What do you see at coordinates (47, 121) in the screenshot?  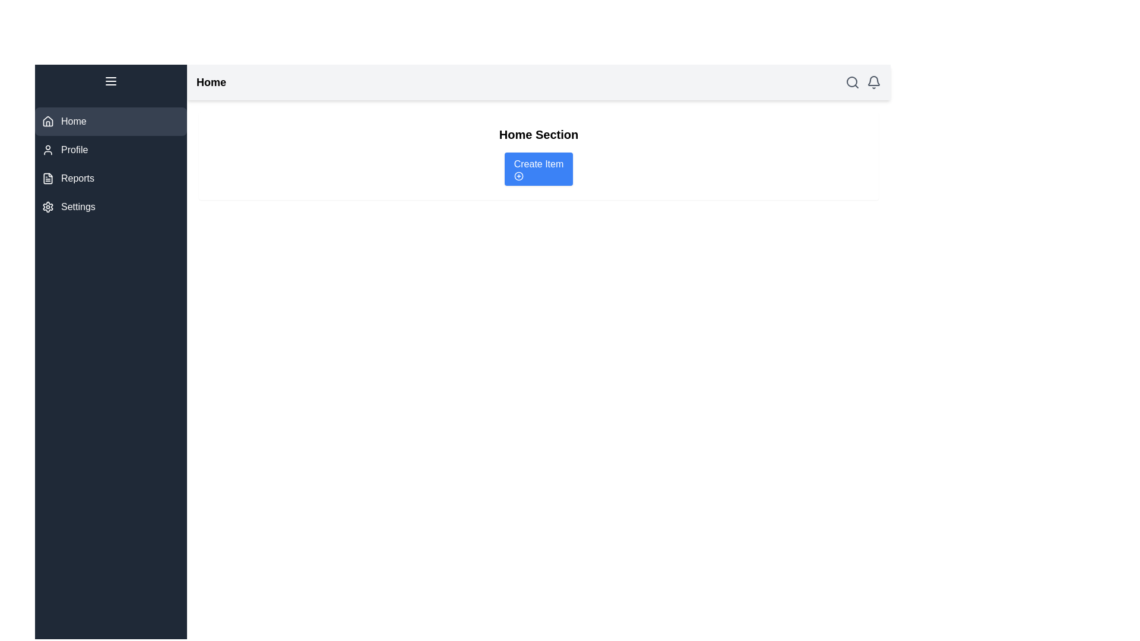 I see `the 'Home' icon located at the top of the left sidebar menu` at bounding box center [47, 121].